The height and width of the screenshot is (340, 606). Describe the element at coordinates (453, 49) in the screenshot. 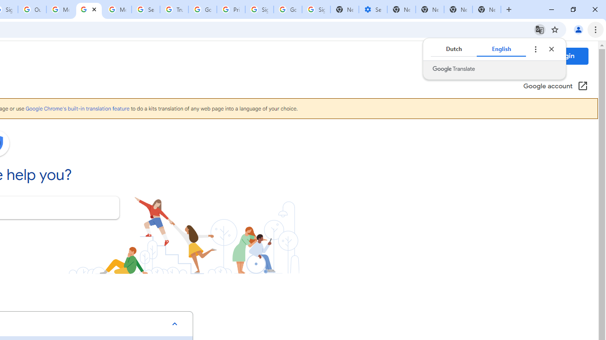

I see `'Dutch'` at that location.